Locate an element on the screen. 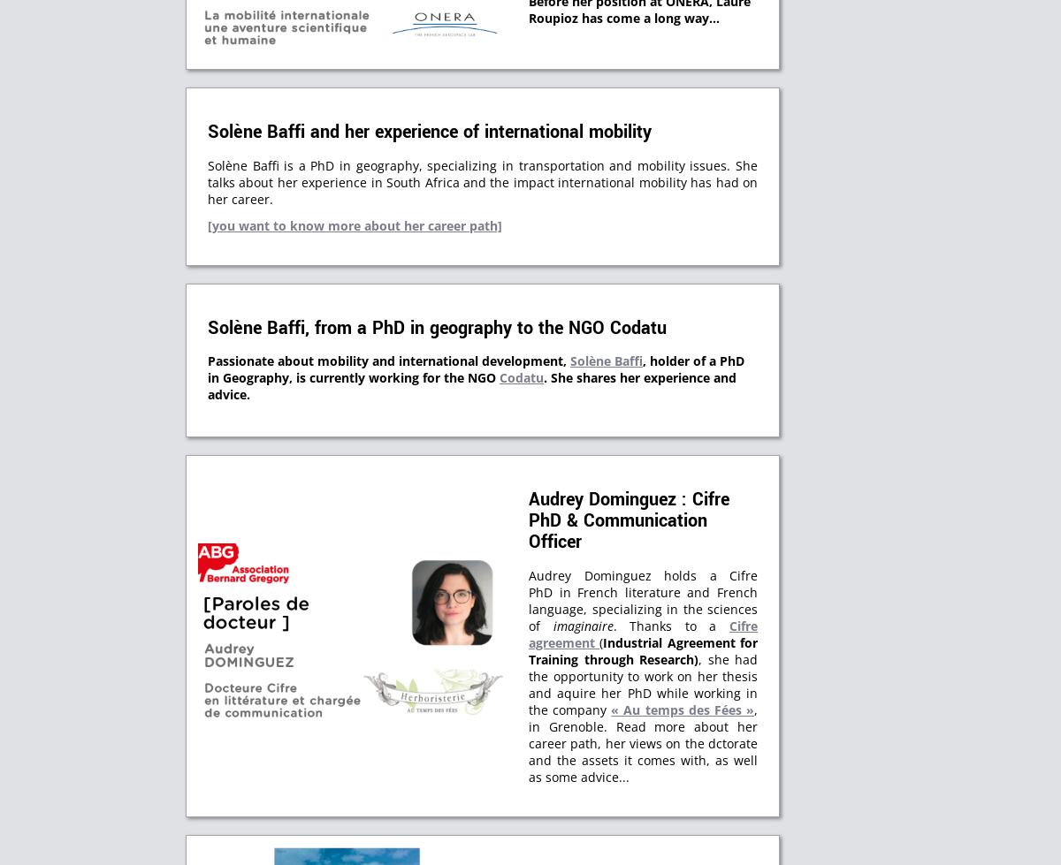  'Codatu' is located at coordinates (521, 377).